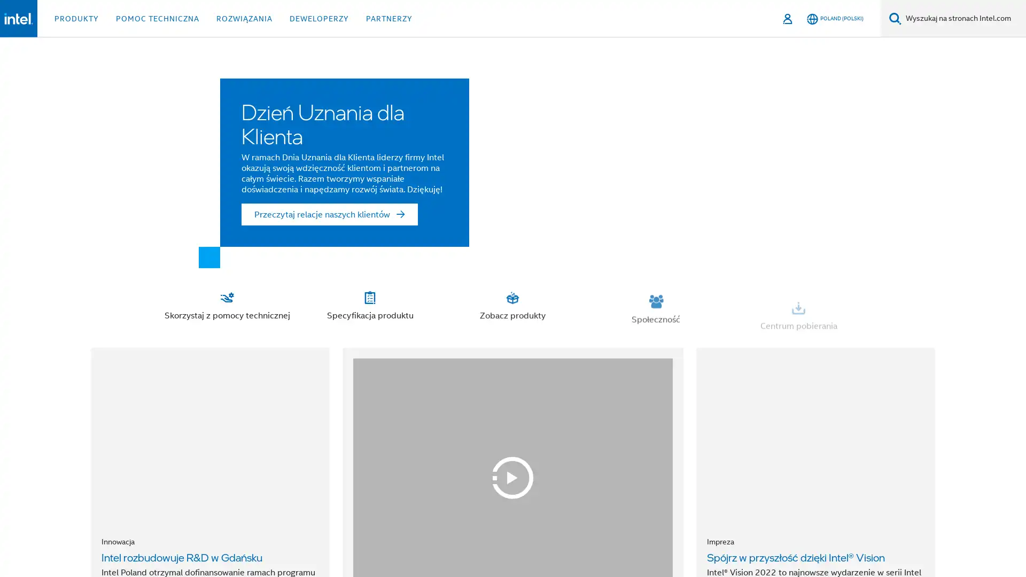 This screenshot has height=577, width=1026. I want to click on Poland (Polski), so click(835, 18).